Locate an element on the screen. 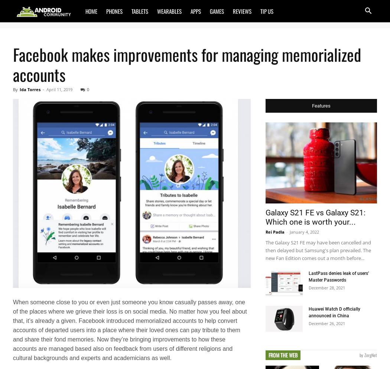  'January 4, 2022' is located at coordinates (304, 231).